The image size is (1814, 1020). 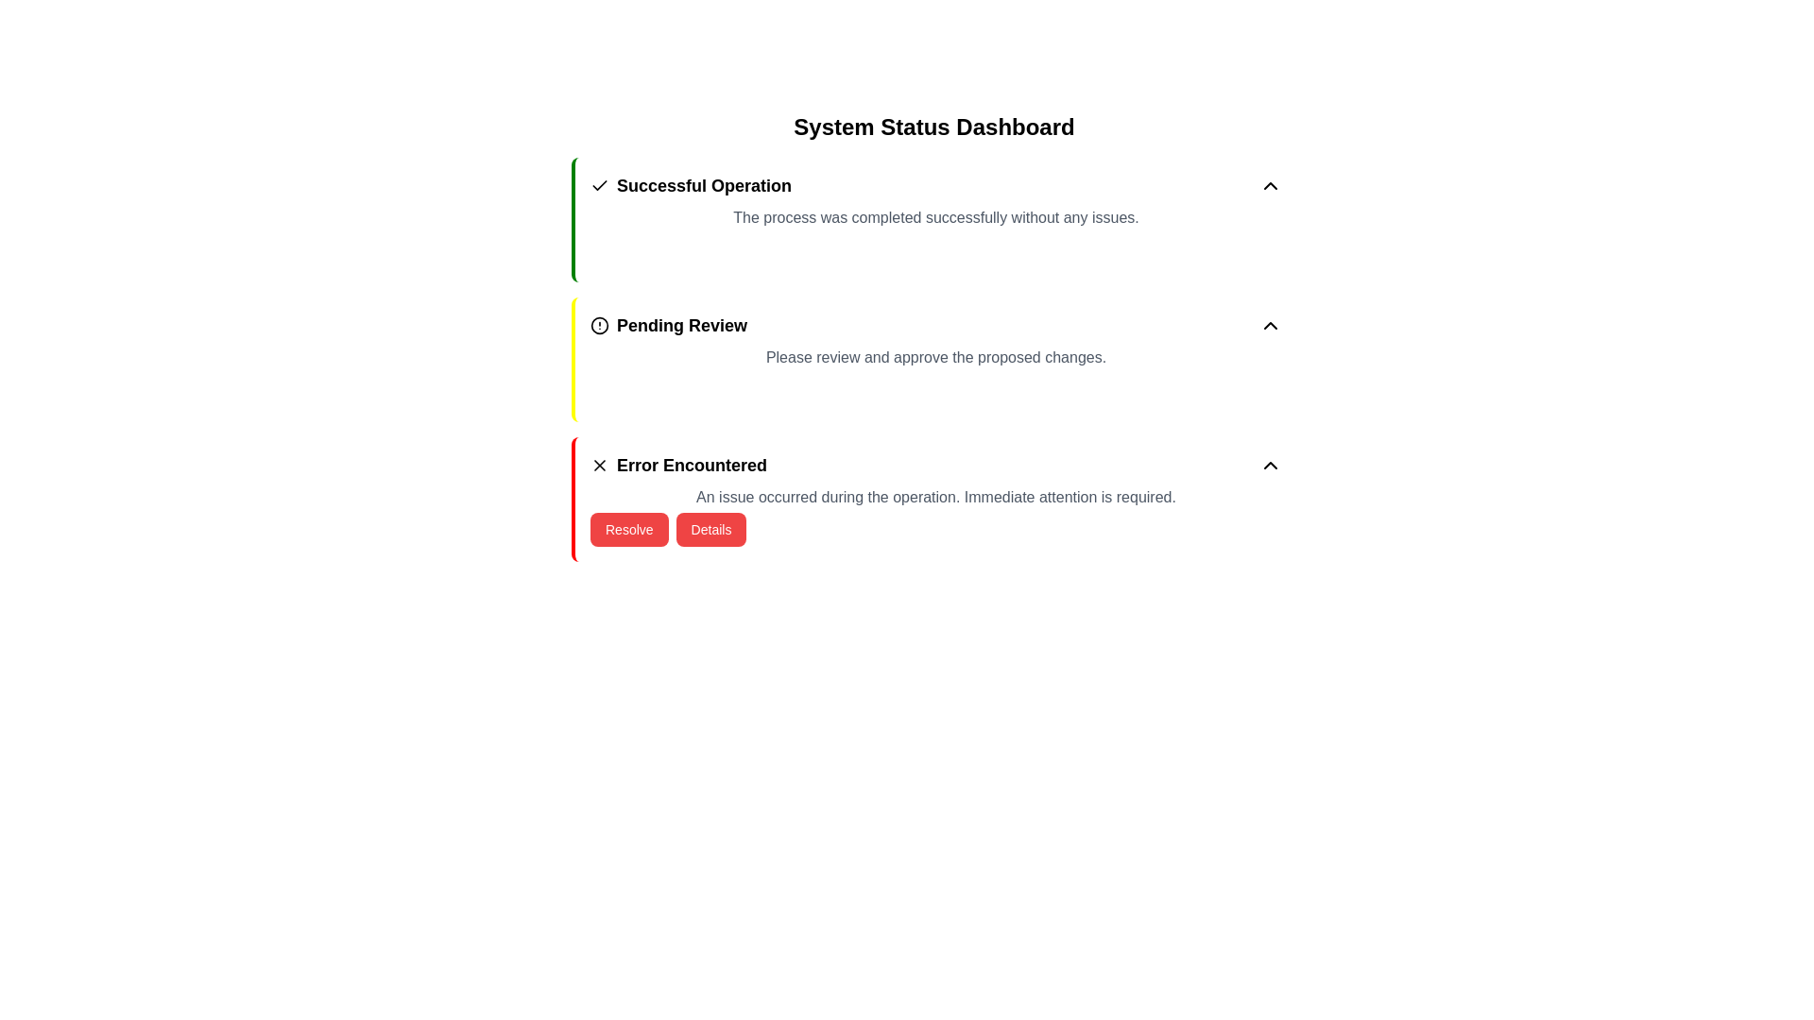 I want to click on the Status Label displaying the yellow warning icon and the text 'Pending Review' in bold, located in the System Status Dashboard between 'Successful Operation' and 'Error Encountered', so click(x=669, y=324).